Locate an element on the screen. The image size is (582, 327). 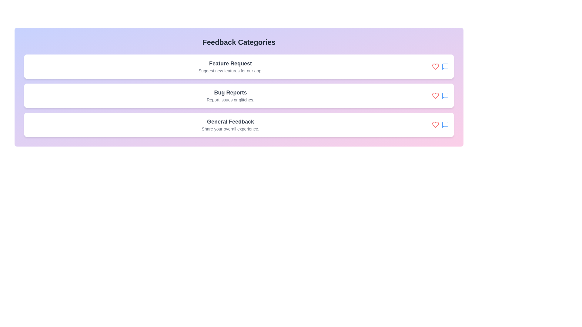
the like icon for the feedback category Feature Request is located at coordinates (435, 66).